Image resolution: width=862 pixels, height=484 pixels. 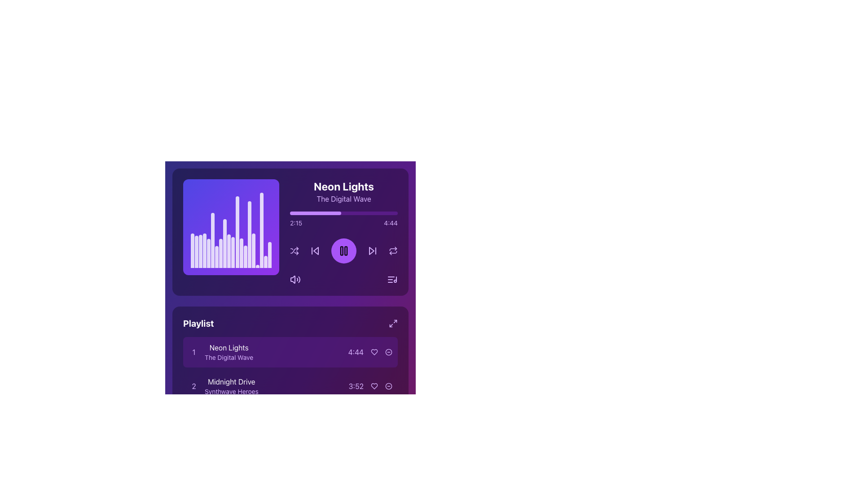 I want to click on the shuffle icon, which is a small purple icon with two crossing arrows forming a zigzag pattern, so click(x=295, y=251).